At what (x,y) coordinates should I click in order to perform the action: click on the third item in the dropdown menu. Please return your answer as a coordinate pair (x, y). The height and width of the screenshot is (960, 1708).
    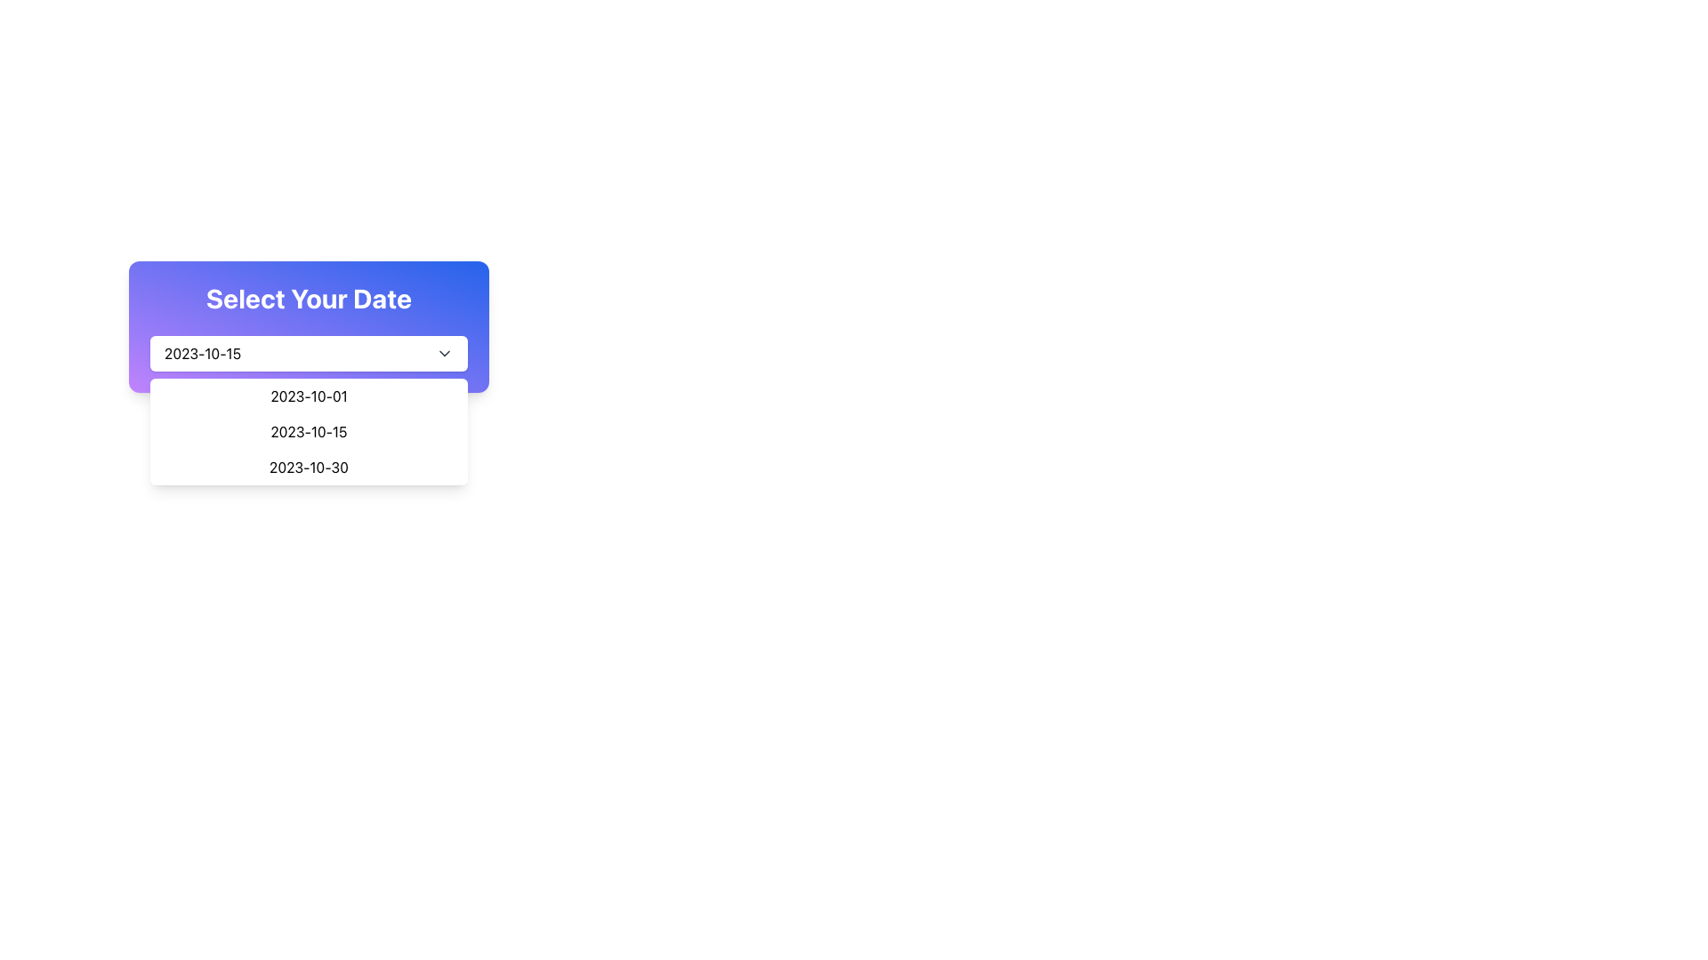
    Looking at the image, I should click on (309, 466).